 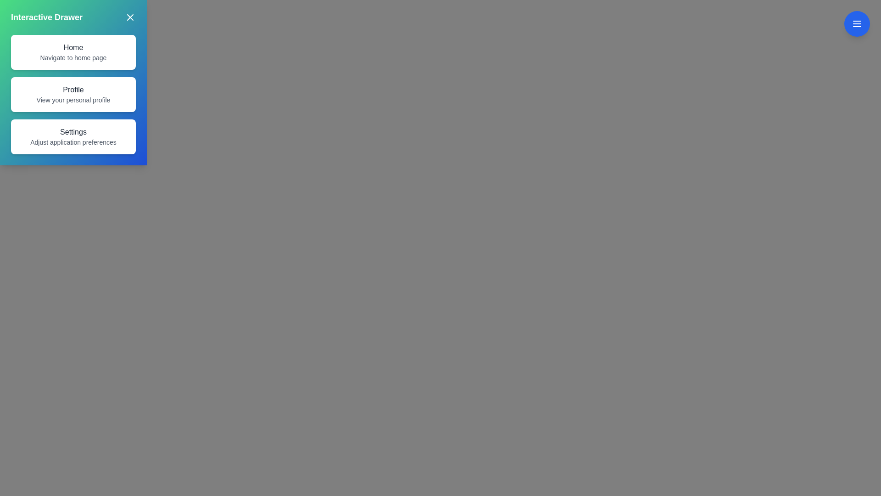 I want to click on the circular blue button with a menu icon located in the top-right corner of the interface, so click(x=856, y=23).